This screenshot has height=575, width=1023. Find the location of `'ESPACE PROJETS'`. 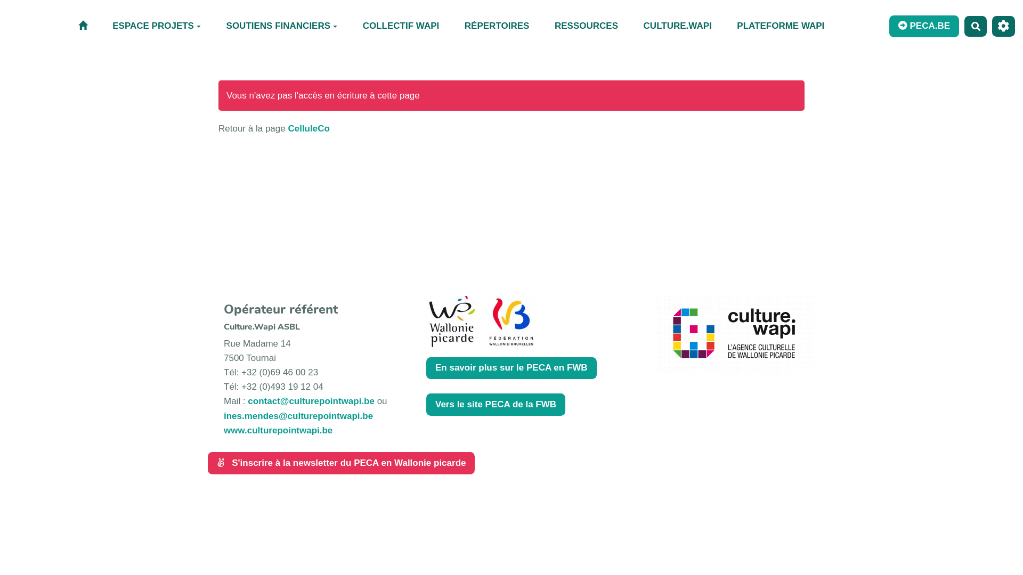

'ESPACE PROJETS' is located at coordinates (156, 26).